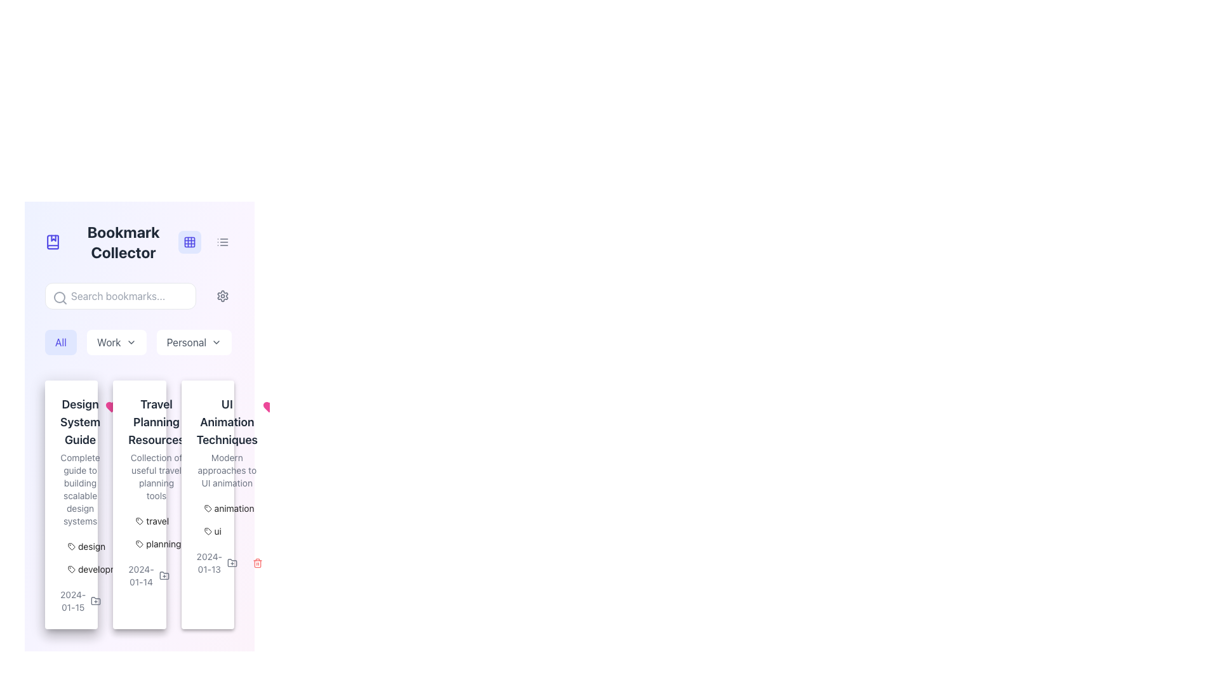  What do you see at coordinates (163, 575) in the screenshot?
I see `the folder icon, which is styled as an outline graphic with a rectangular base and a protruding top edge, located under the 'Travel Planning Resources' card in the center of a small icon set` at bounding box center [163, 575].